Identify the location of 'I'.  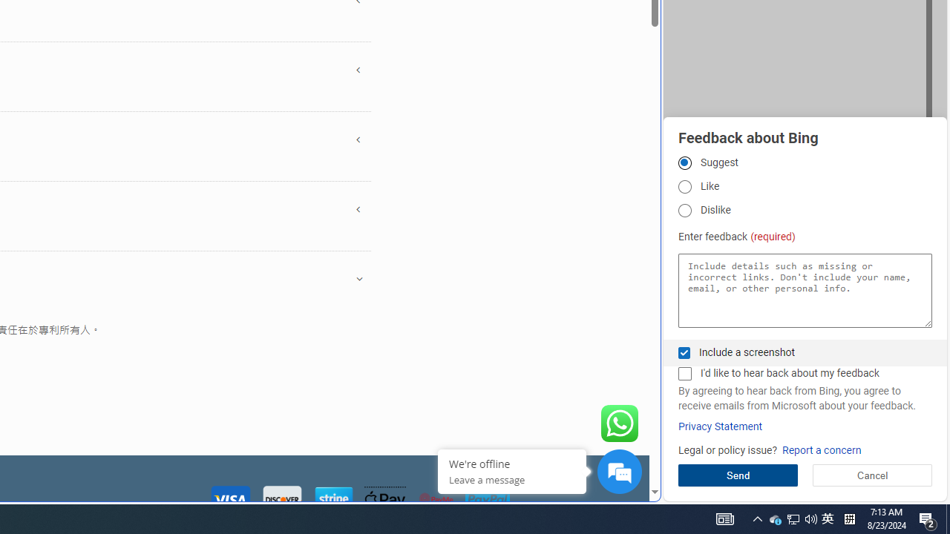
(684, 372).